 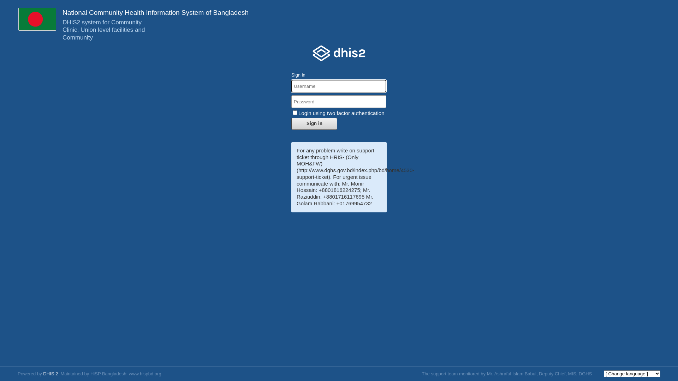 I want to click on 'Sign in', so click(x=314, y=123).